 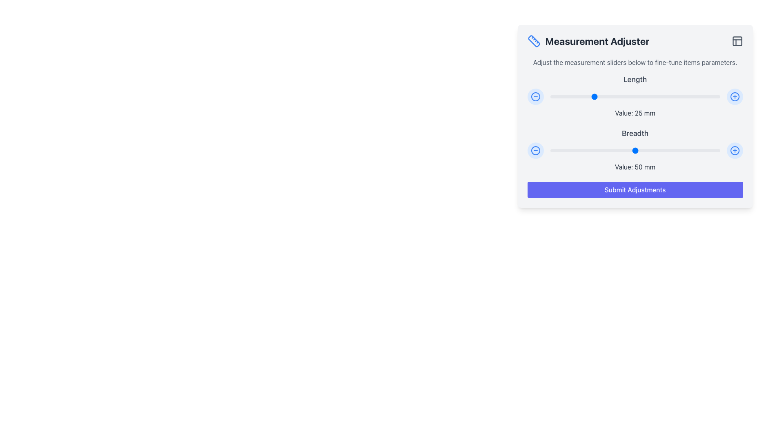 What do you see at coordinates (652, 96) in the screenshot?
I see `the length value` at bounding box center [652, 96].